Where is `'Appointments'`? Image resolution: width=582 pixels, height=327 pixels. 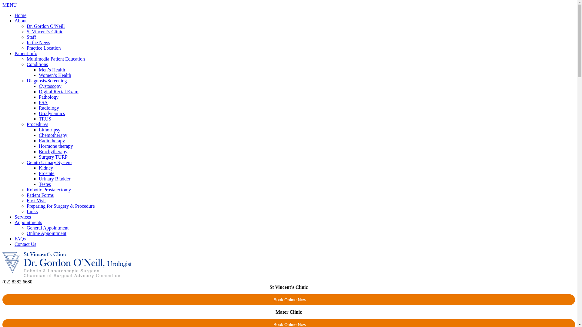
'Appointments' is located at coordinates (28, 222).